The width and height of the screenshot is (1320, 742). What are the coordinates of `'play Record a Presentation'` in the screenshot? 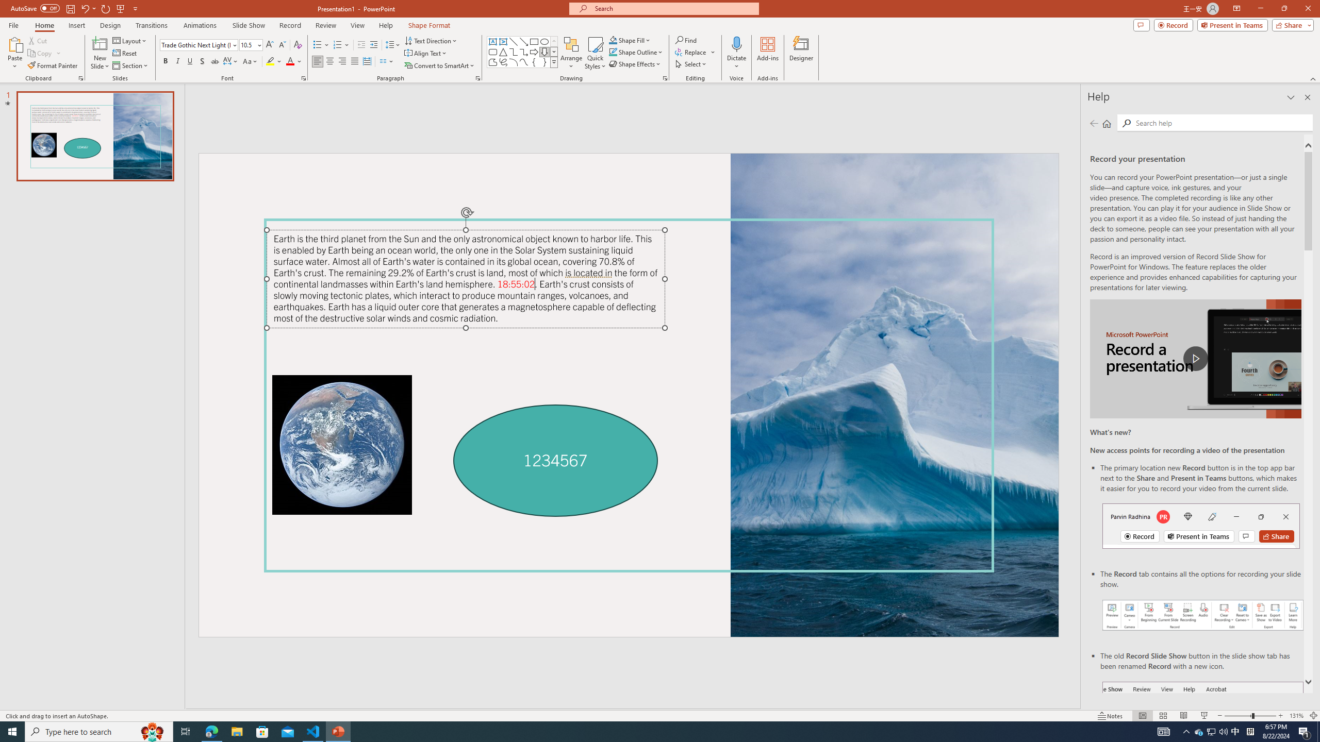 It's located at (1195, 359).